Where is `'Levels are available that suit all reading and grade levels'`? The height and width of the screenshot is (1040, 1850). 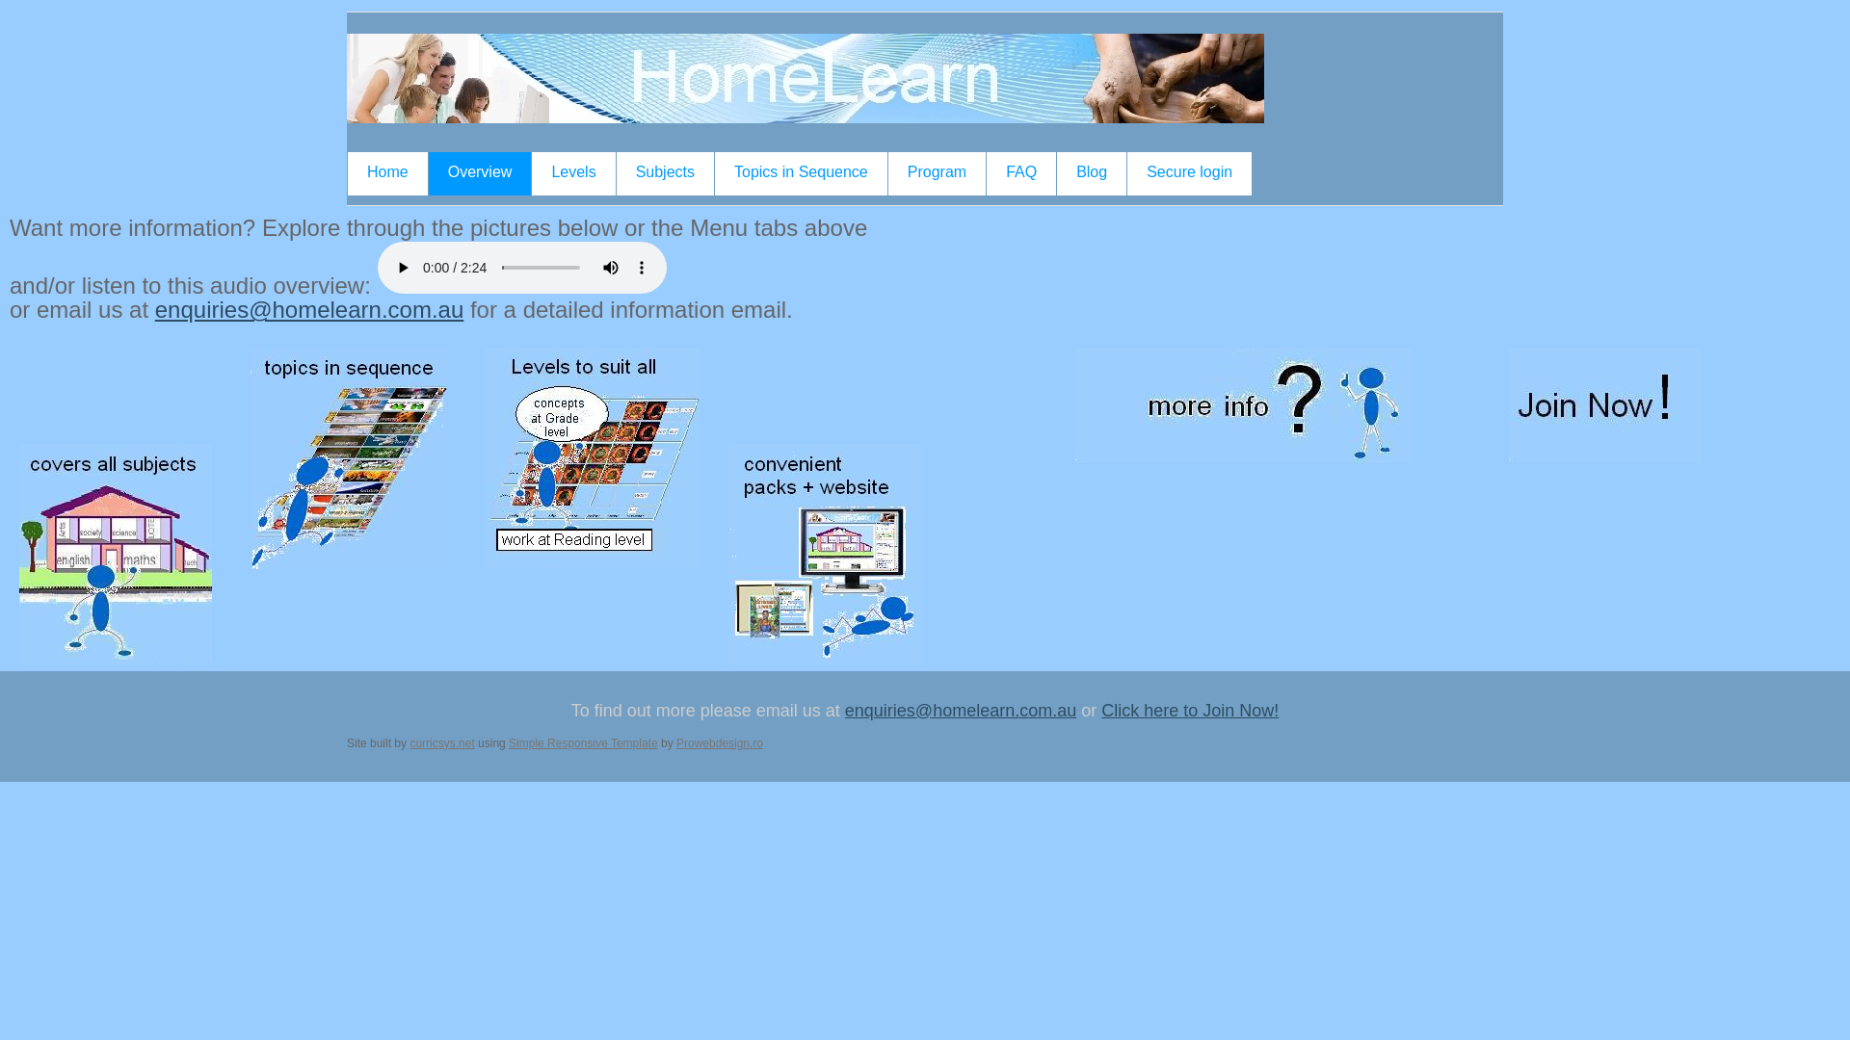 'Levels are available that suit all reading and grade levels' is located at coordinates (486, 457).